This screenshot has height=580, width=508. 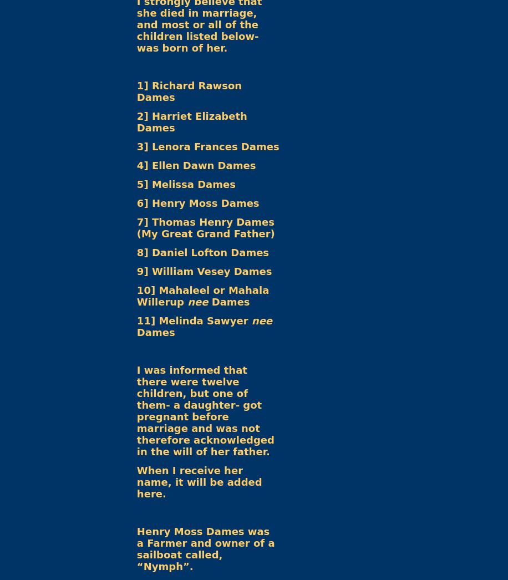 What do you see at coordinates (199, 481) in the screenshot?
I see `'When I receive her name, it will be added here.'` at bounding box center [199, 481].